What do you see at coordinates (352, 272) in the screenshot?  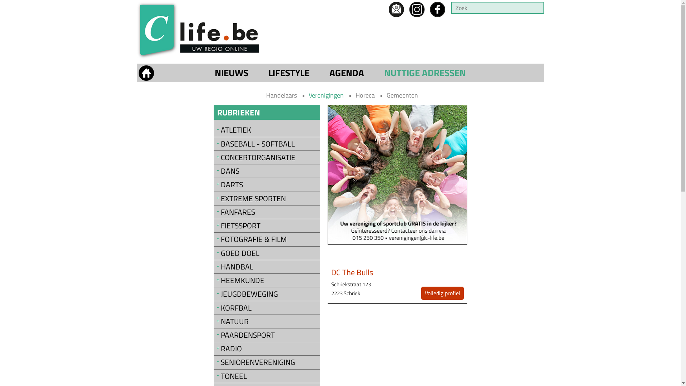 I see `'DC The Bulls'` at bounding box center [352, 272].